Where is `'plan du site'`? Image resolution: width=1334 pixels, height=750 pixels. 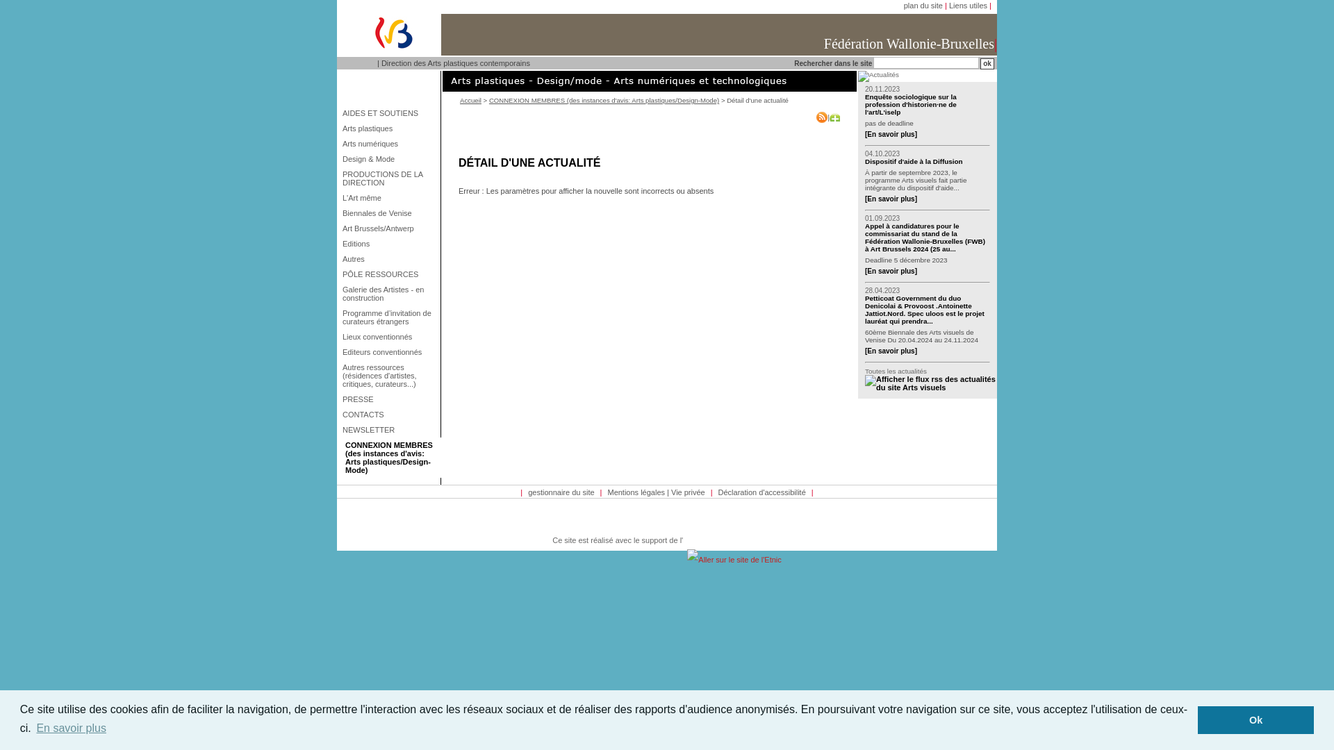
'plan du site' is located at coordinates (923, 5).